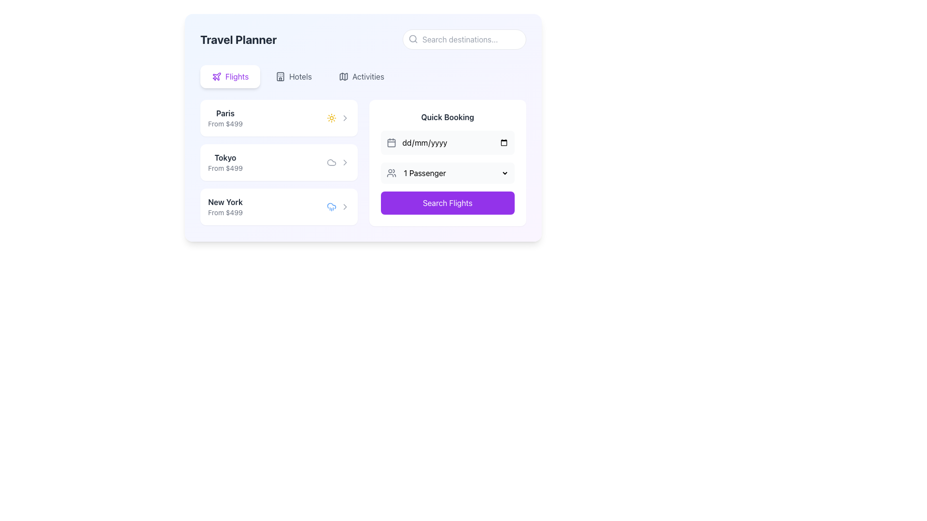 This screenshot has width=927, height=521. What do you see at coordinates (331, 118) in the screenshot?
I see `the vibrant yellow sun-shaped icon located to the right of the 'Paris' label in the left pane` at bounding box center [331, 118].